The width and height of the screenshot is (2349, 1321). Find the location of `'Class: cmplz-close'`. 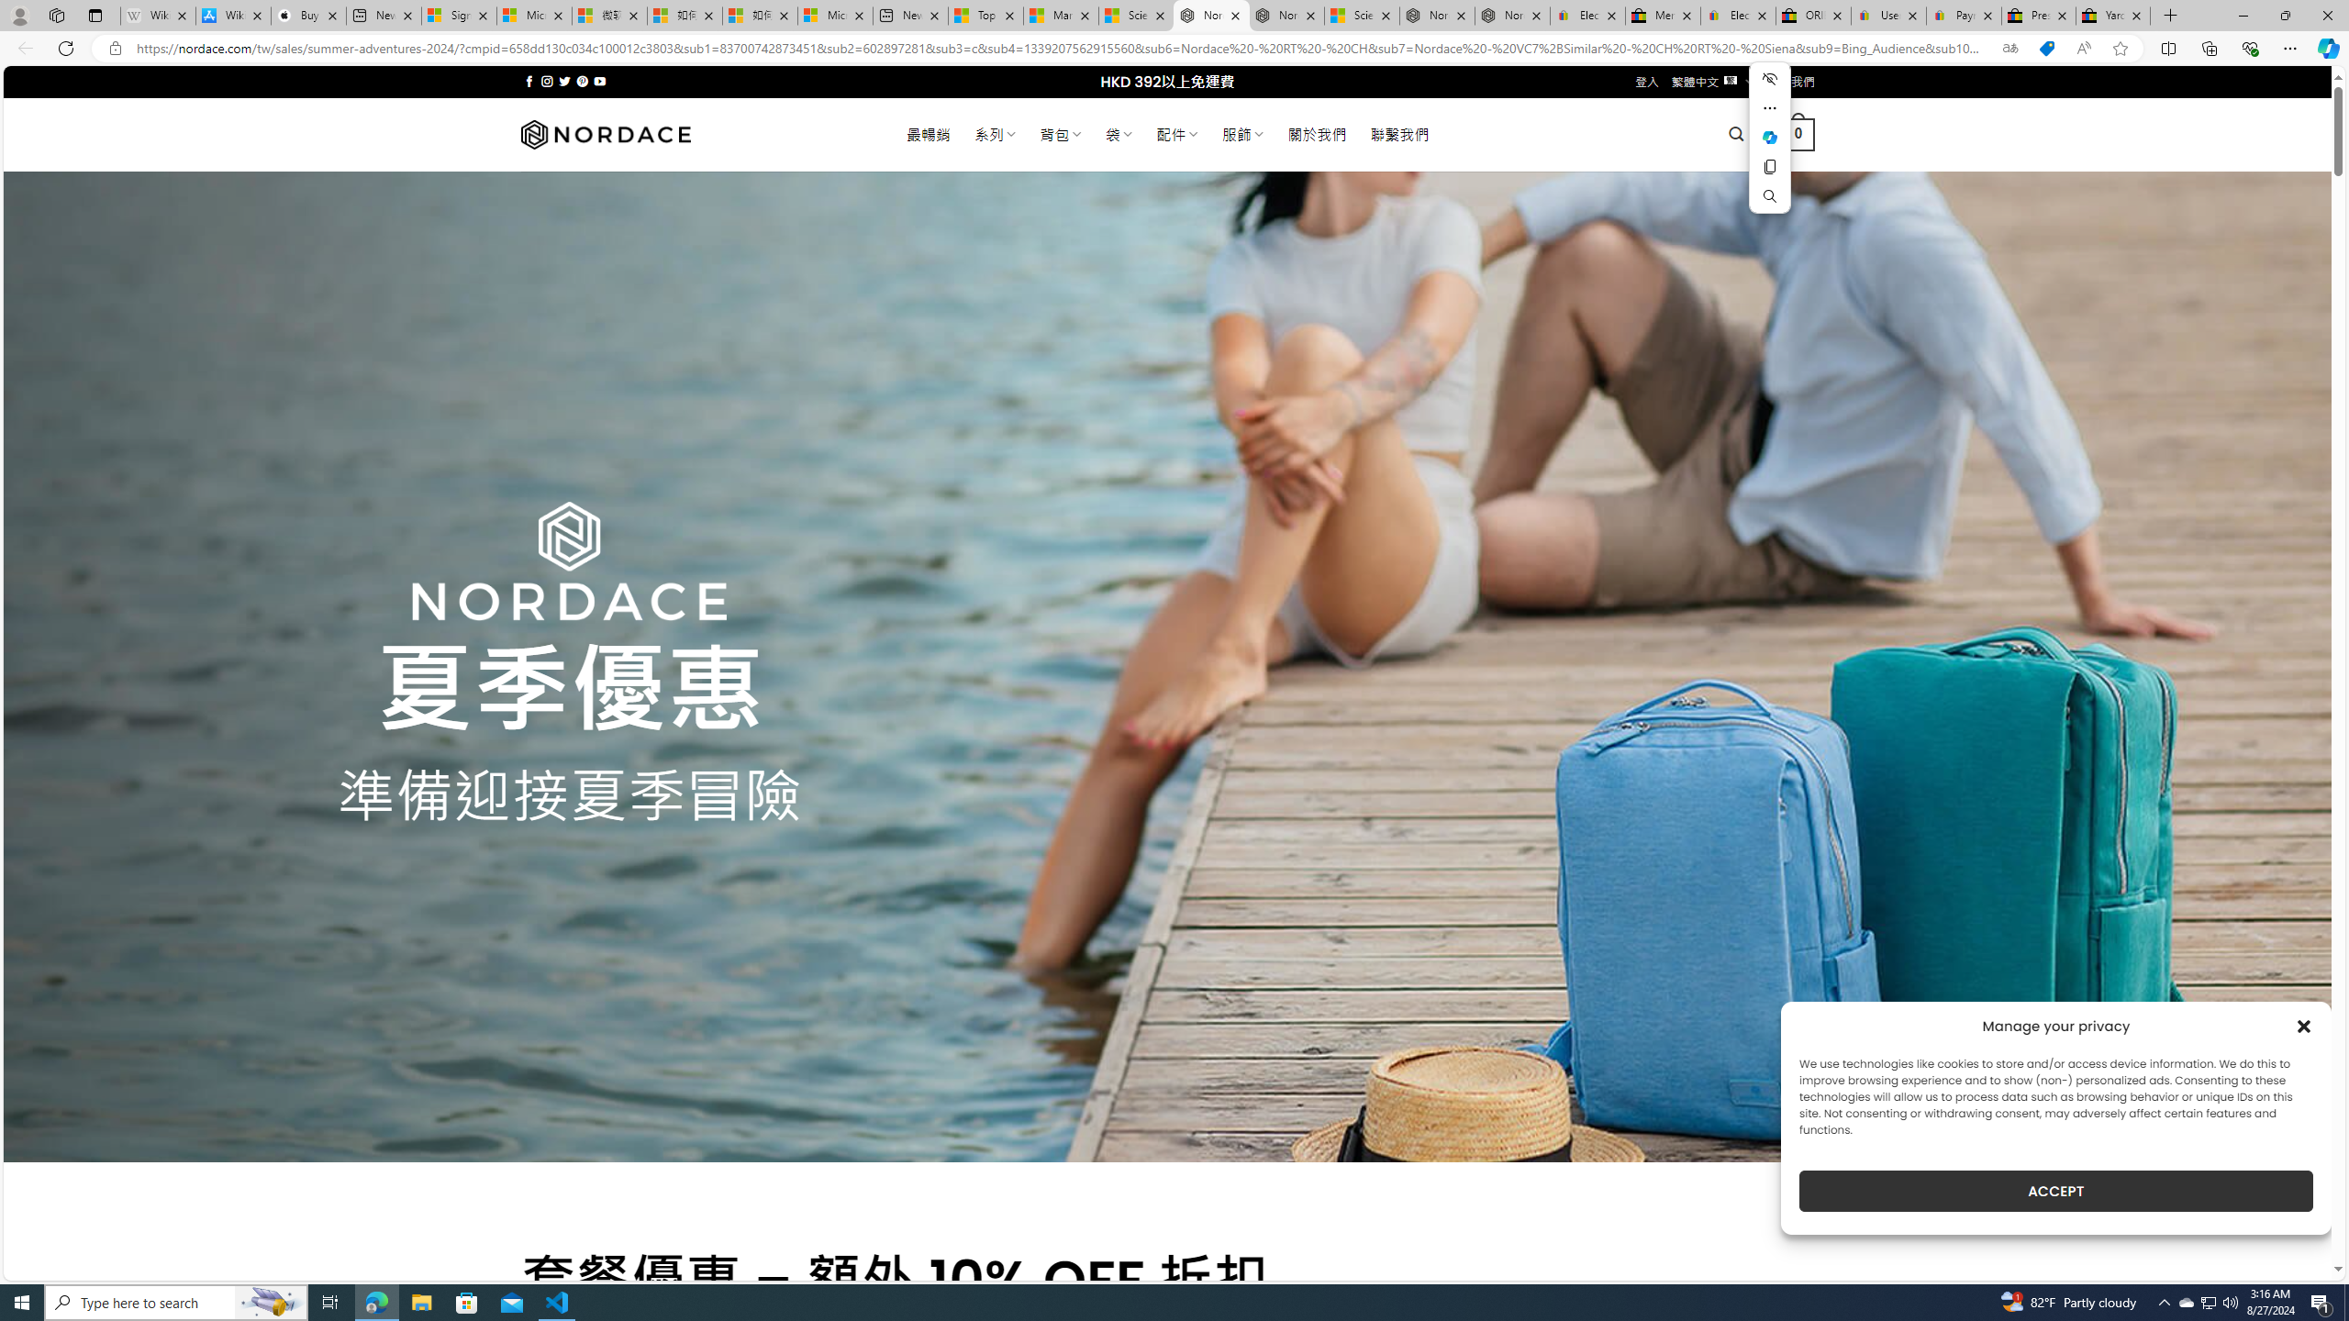

'Class: cmplz-close' is located at coordinates (2304, 1026).